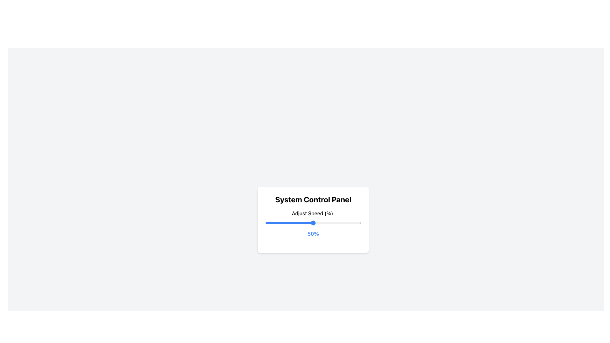 Image resolution: width=610 pixels, height=343 pixels. I want to click on the speed, so click(307, 223).